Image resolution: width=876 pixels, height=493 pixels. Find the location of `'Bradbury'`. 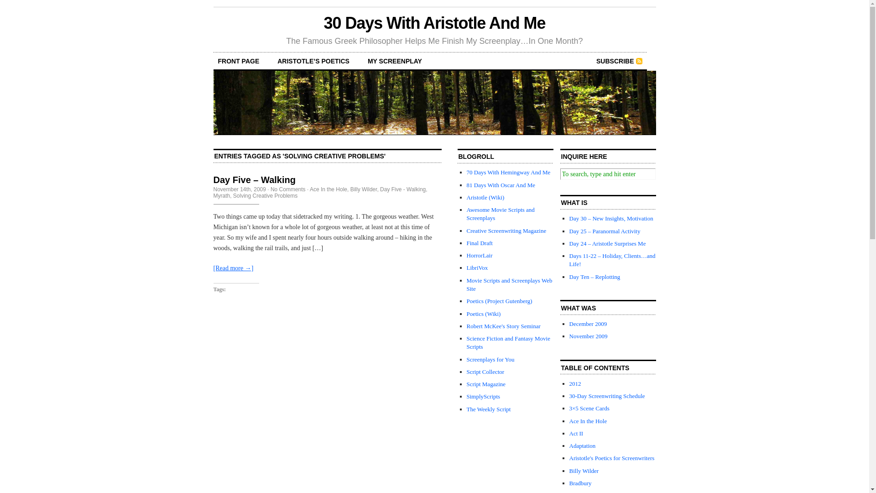

'Bradbury' is located at coordinates (580, 483).